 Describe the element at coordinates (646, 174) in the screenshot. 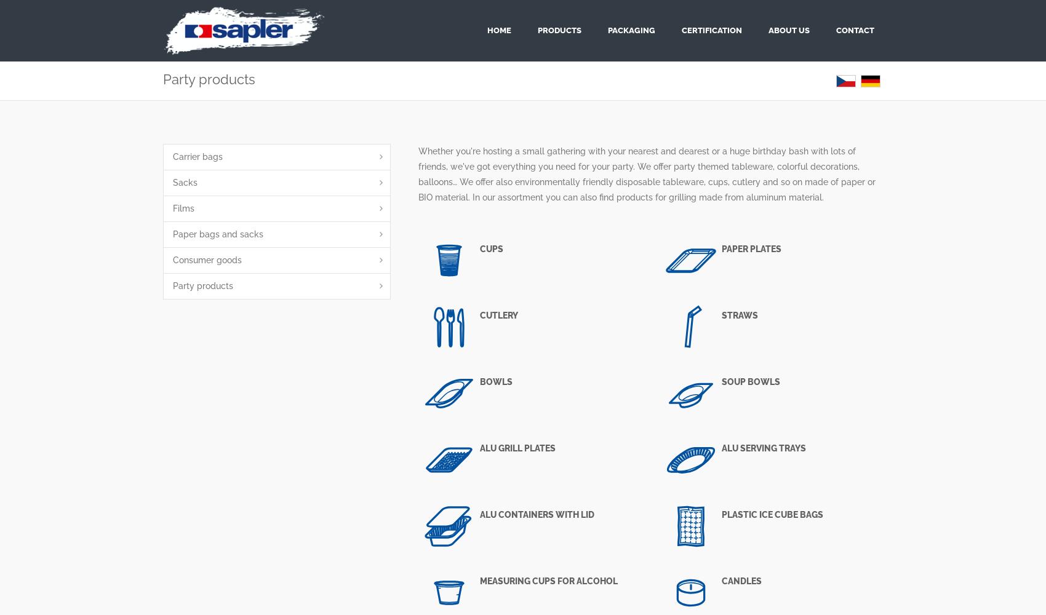

I see `'Whether you're hosting a small gathering with your nearest and dearest or a huge birthday bash with lots of friends, we've got everything you need for your party. We offer party themed tableware, colorful decorations, balloons… We offer also environmentally friendly disposable tableware, cups, cutlery and so on made of paper or BIO material. In our assortment you can also find products for grilling made from aluminum material.'` at that location.